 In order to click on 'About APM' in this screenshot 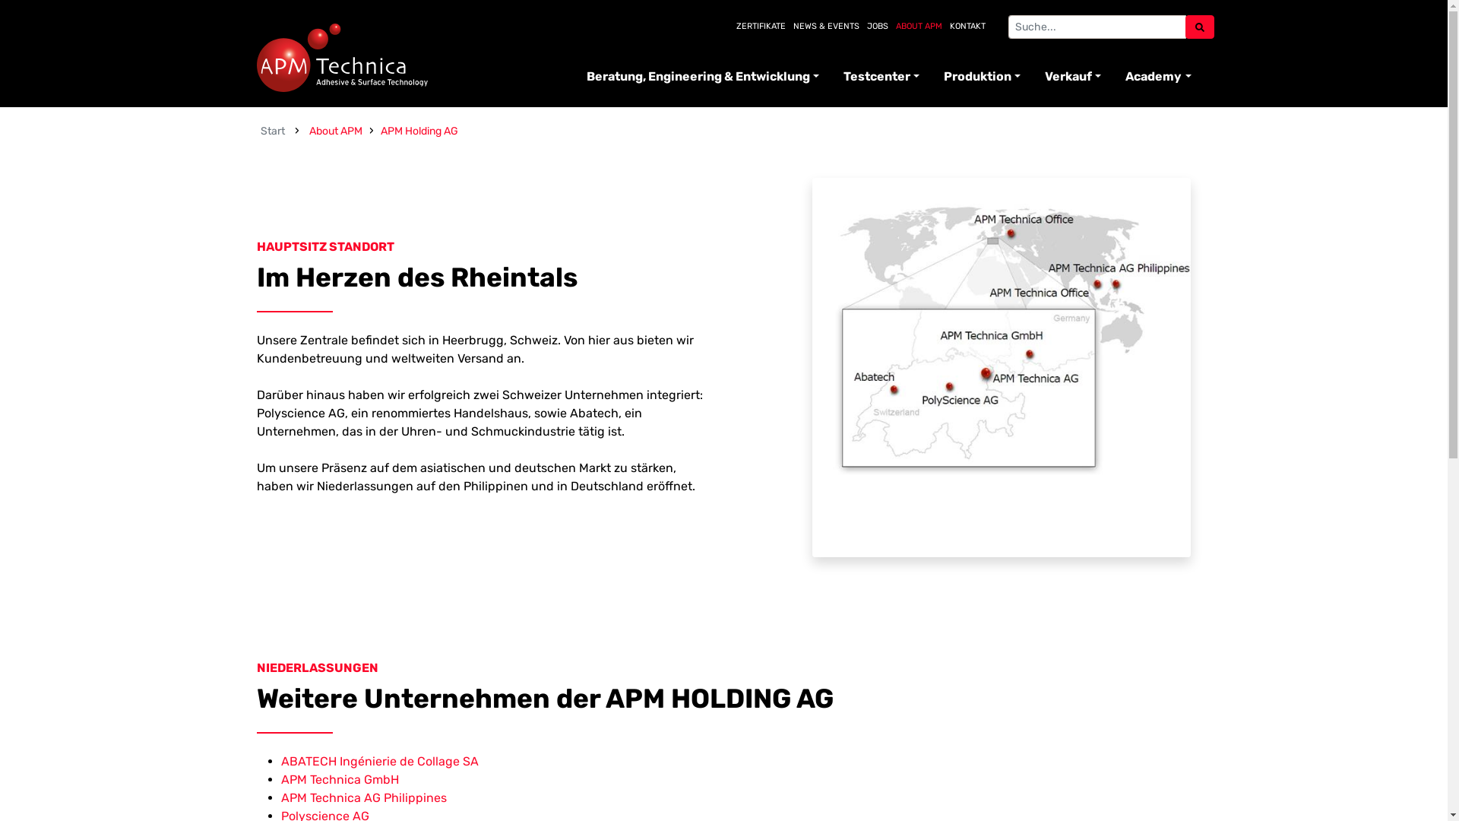, I will do `click(334, 130)`.